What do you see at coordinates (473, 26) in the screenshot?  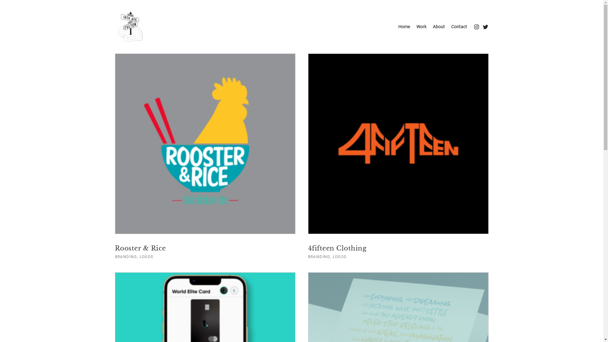 I see `'Instagram'` at bounding box center [473, 26].